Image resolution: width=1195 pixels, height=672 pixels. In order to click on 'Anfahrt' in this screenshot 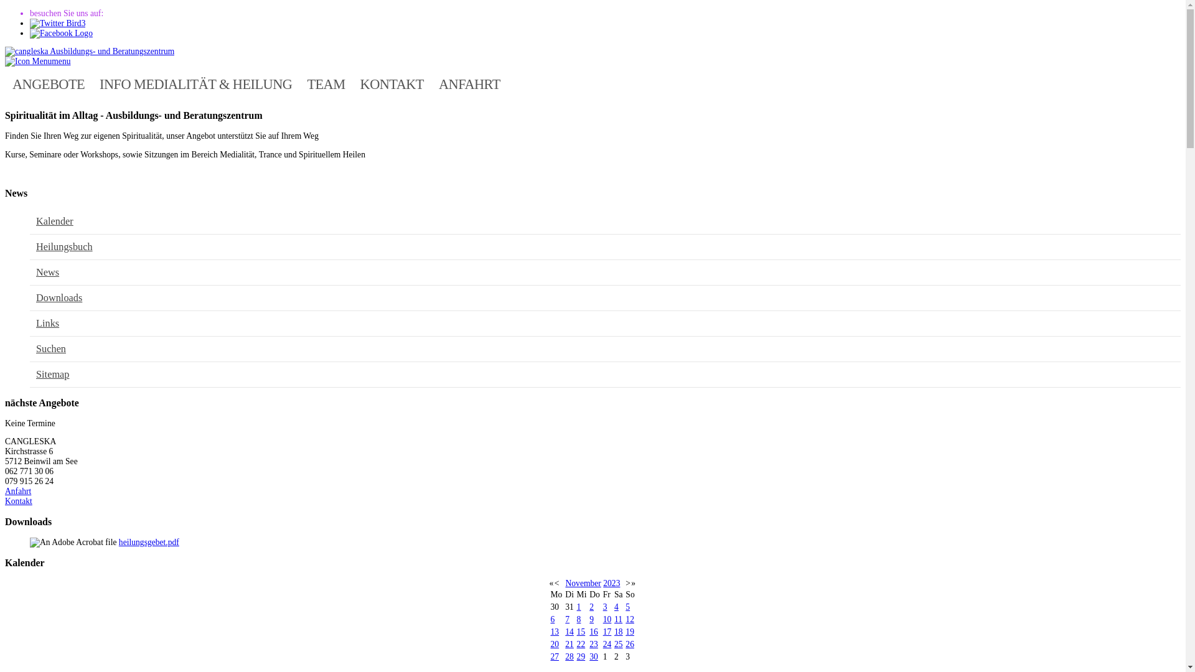, I will do `click(5, 490)`.